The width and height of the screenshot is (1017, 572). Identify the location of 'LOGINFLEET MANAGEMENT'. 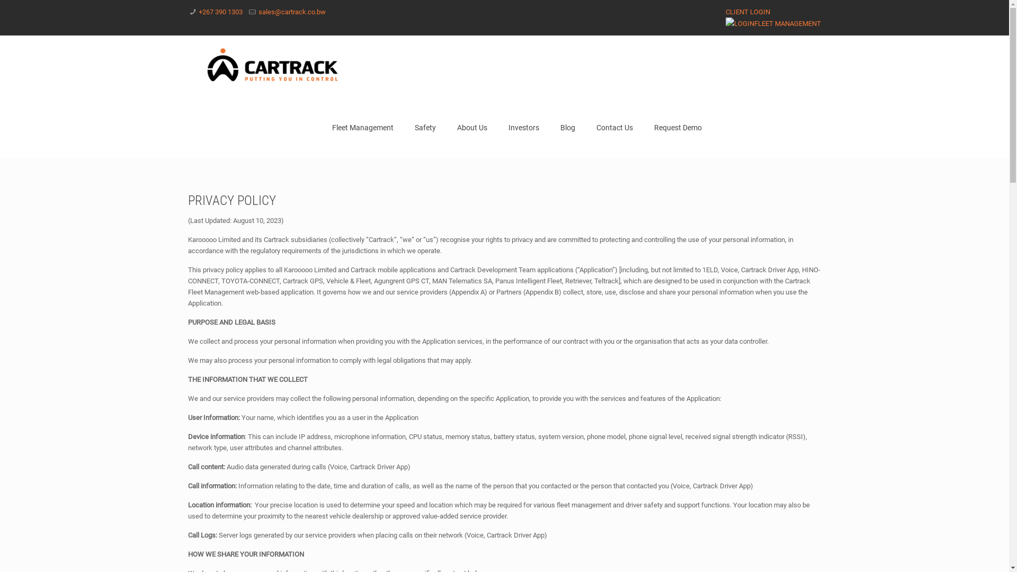
(725, 23).